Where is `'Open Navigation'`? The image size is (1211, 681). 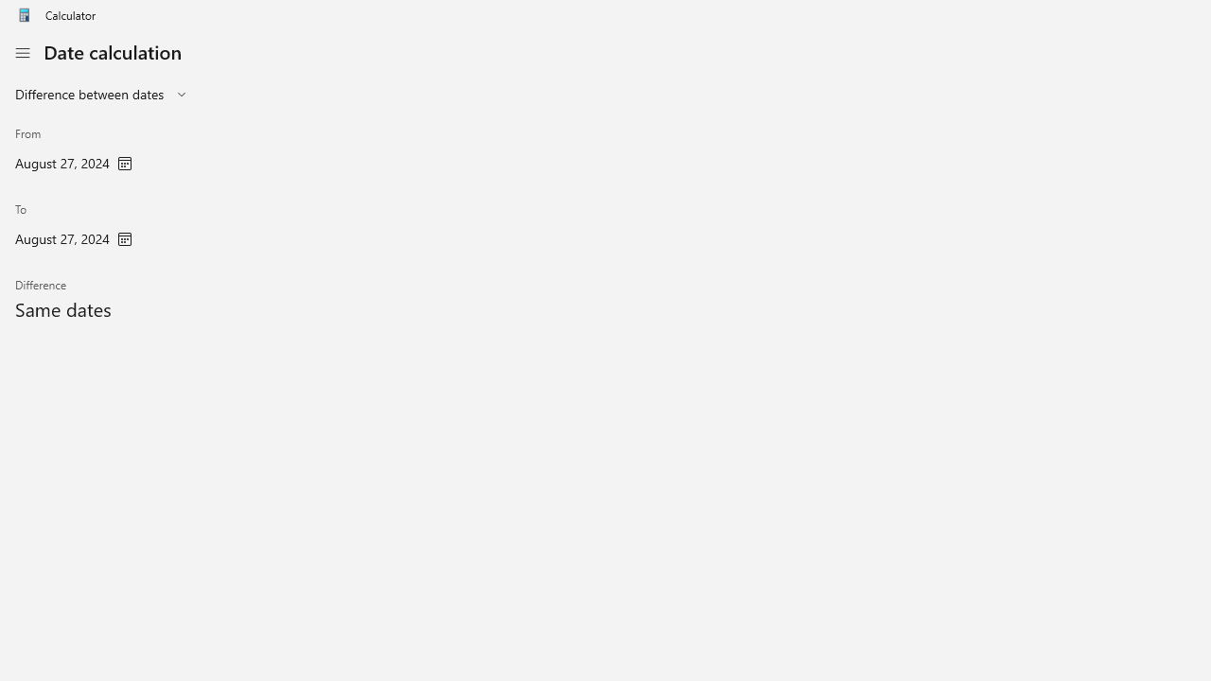 'Open Navigation' is located at coordinates (22, 52).